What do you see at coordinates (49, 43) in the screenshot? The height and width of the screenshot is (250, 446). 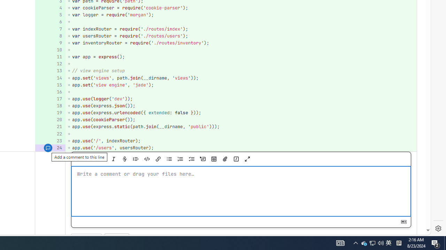 I see `'9'` at bounding box center [49, 43].